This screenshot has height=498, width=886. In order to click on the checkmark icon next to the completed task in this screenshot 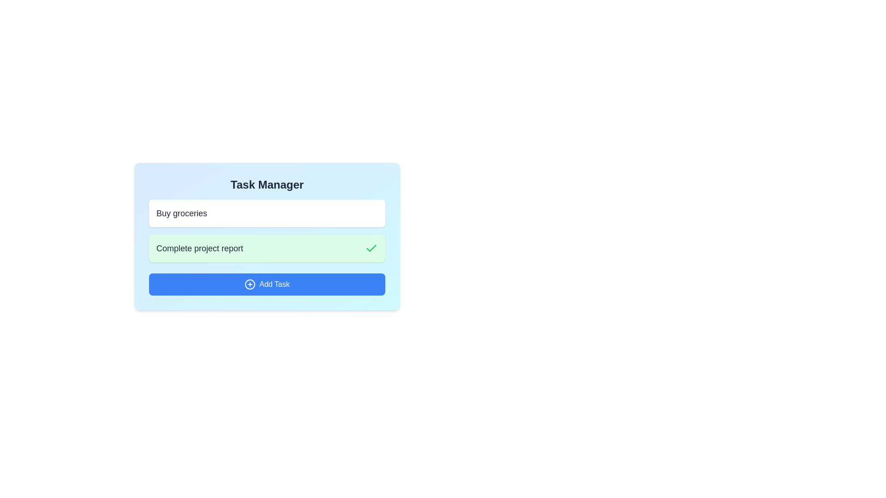, I will do `click(371, 248)`.